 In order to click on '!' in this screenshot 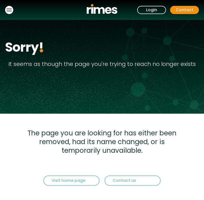, I will do `click(41, 47)`.